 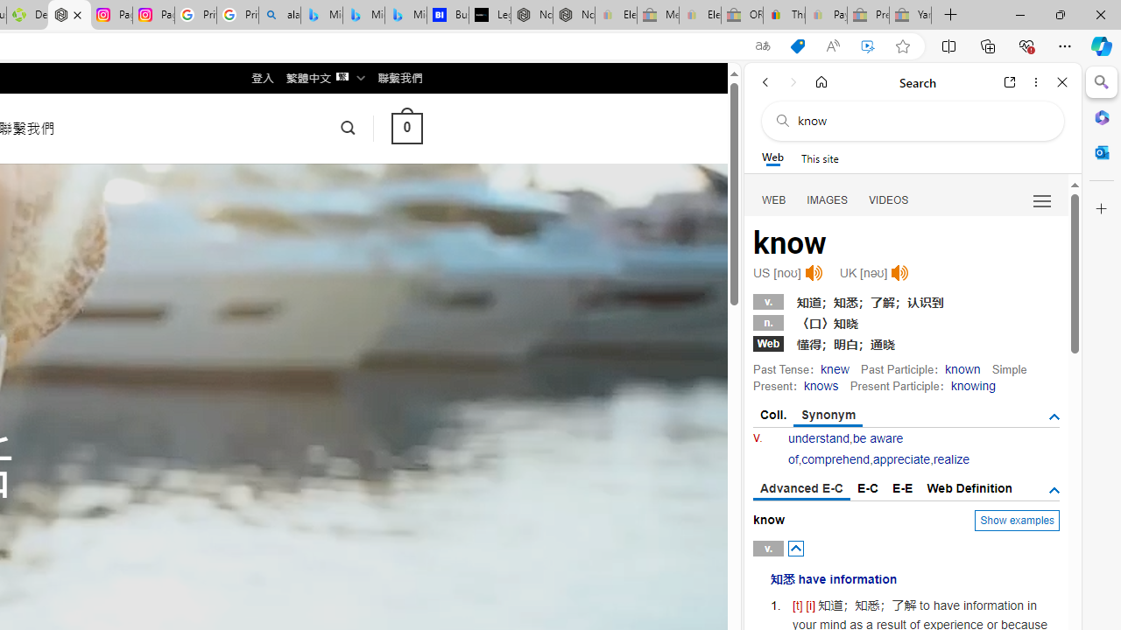 I want to click on 'Synonym', so click(x=827, y=416).